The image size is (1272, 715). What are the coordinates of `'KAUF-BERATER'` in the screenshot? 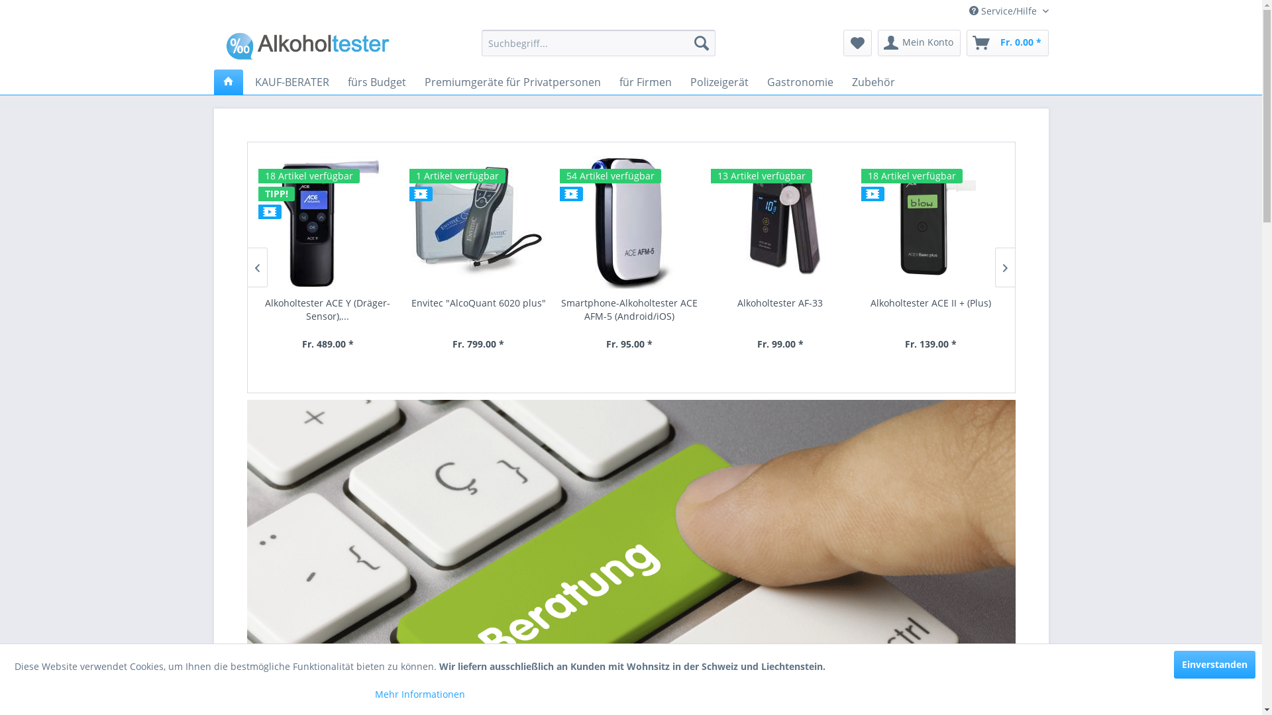 It's located at (291, 81).